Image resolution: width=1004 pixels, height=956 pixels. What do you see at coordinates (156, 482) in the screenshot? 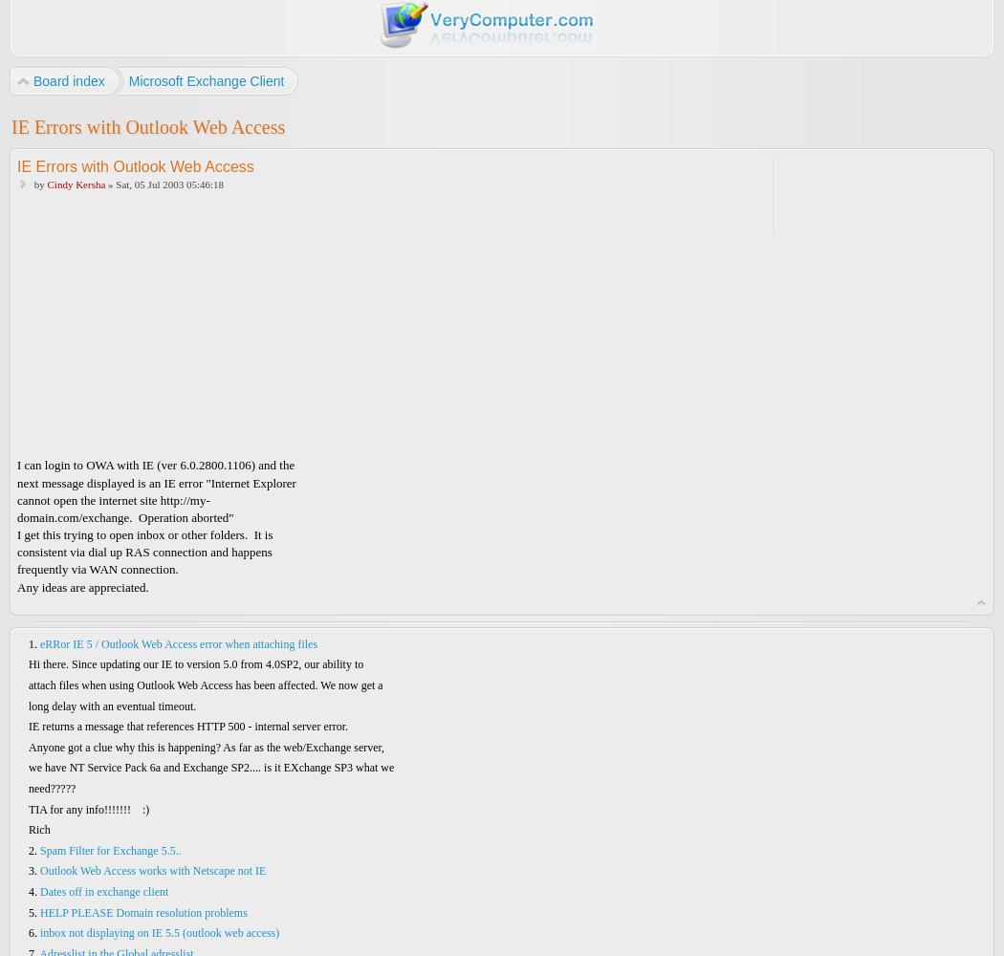
I see `'next message displayed is an IE error "Internet Explorer'` at bounding box center [156, 482].